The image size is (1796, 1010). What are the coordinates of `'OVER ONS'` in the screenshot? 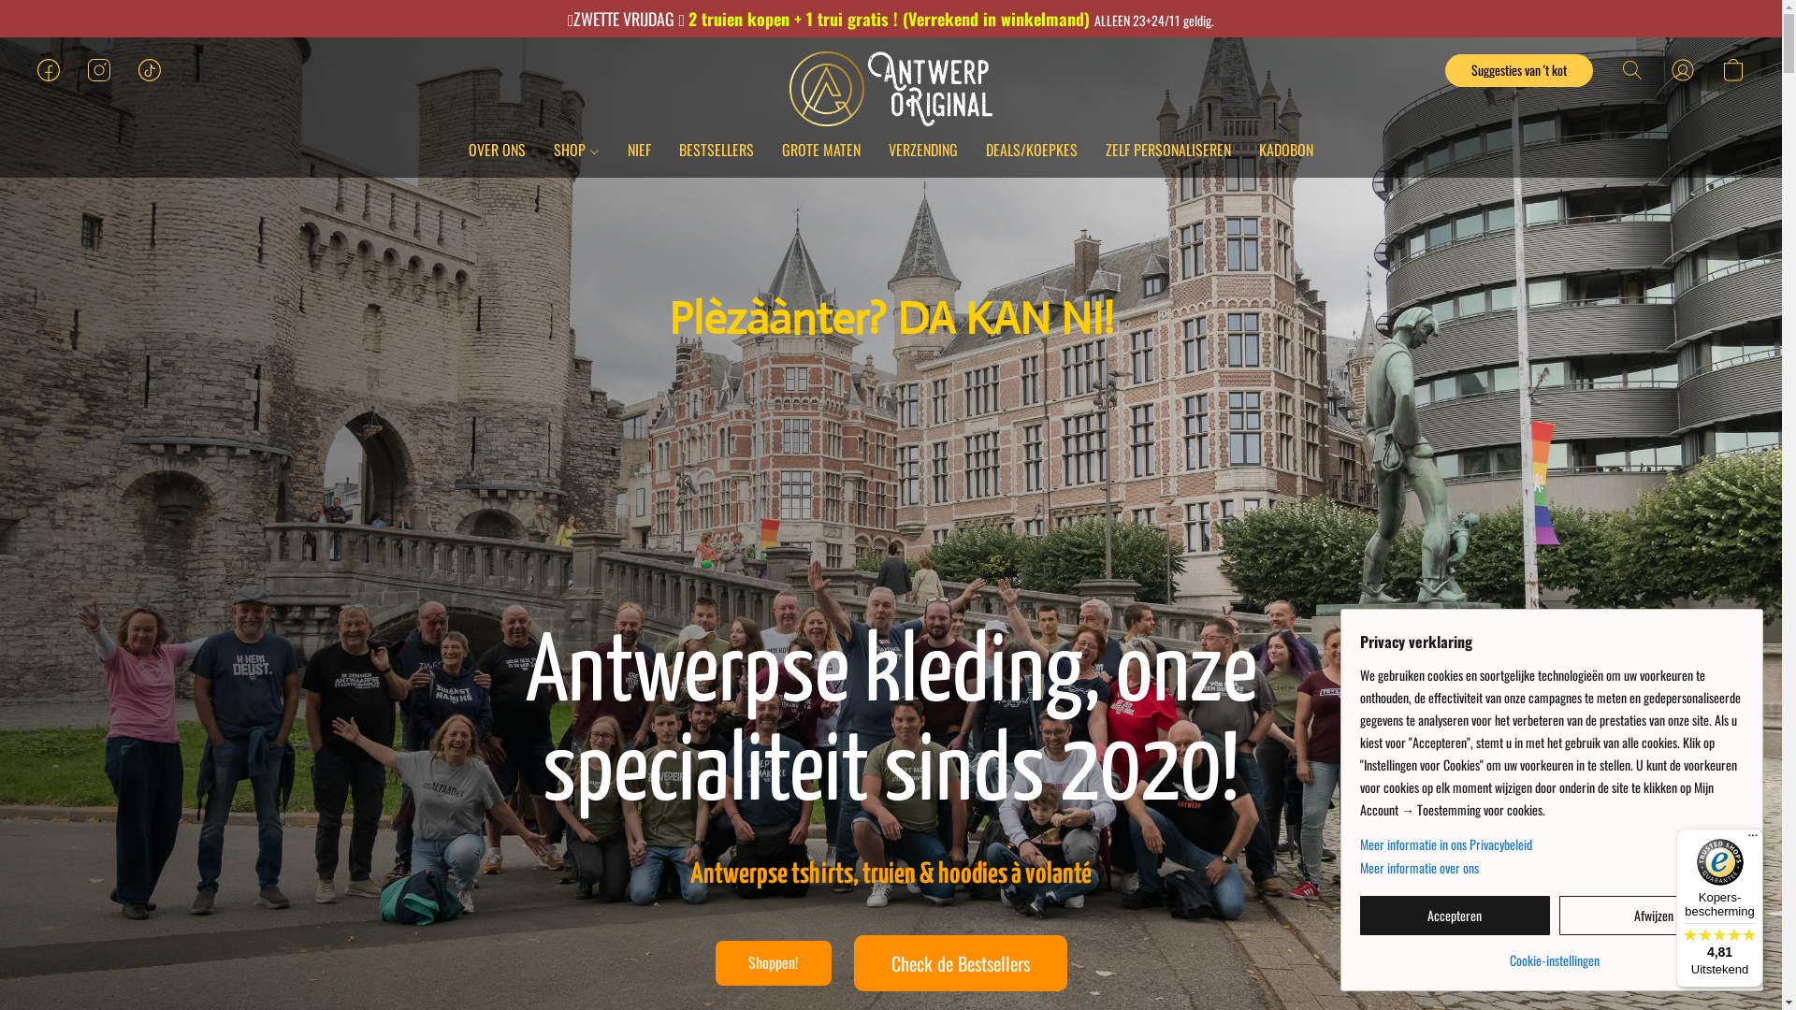 It's located at (503, 148).